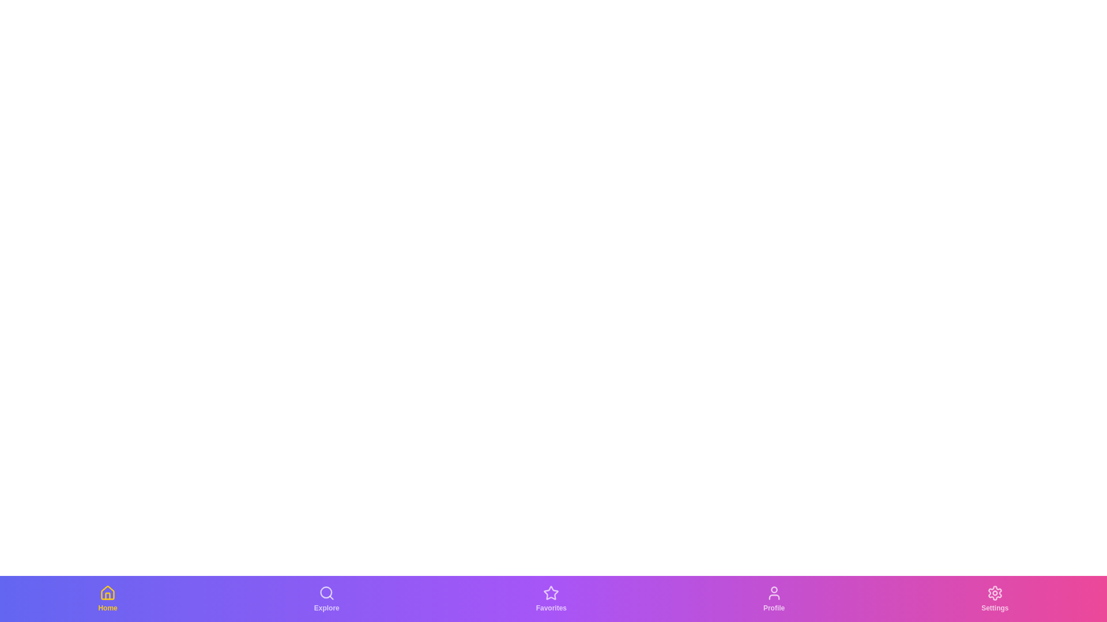 The image size is (1107, 622). I want to click on the Profile tab in the bottom navigation bar to switch to its corresponding view, so click(774, 598).